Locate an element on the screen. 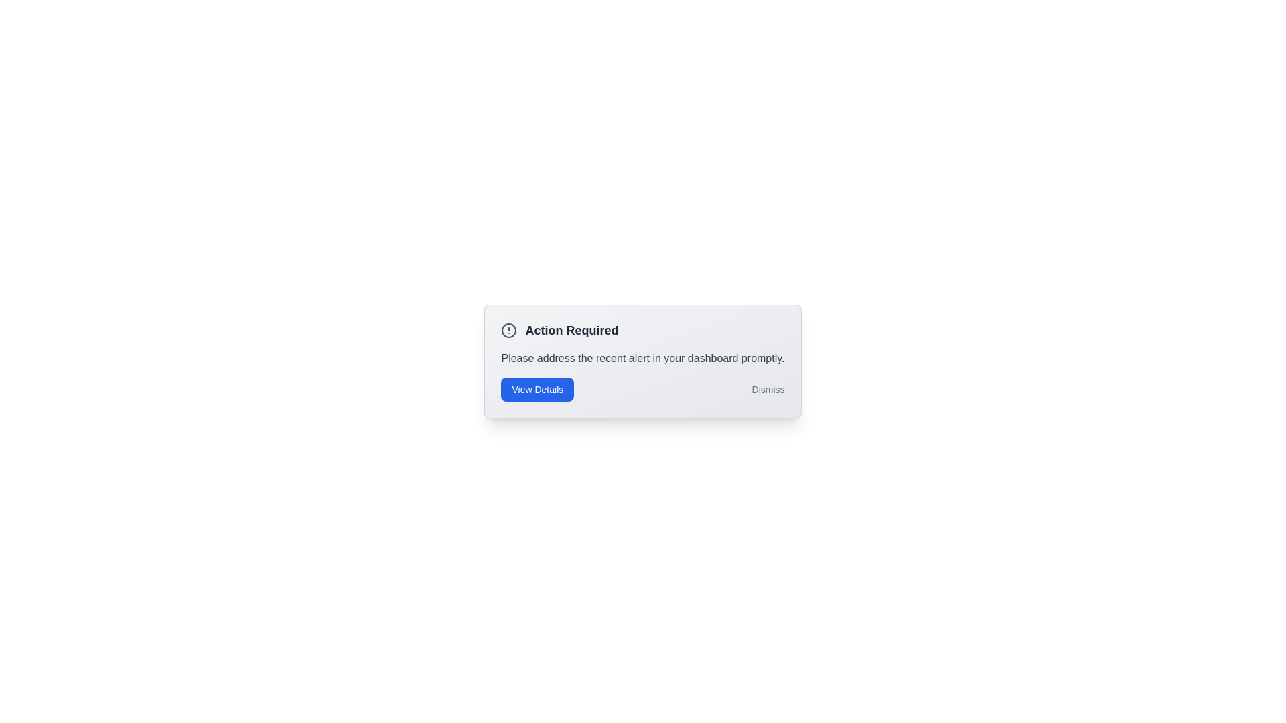 The image size is (1286, 723). 'Dismiss' button to hide the notification is located at coordinates (768, 390).